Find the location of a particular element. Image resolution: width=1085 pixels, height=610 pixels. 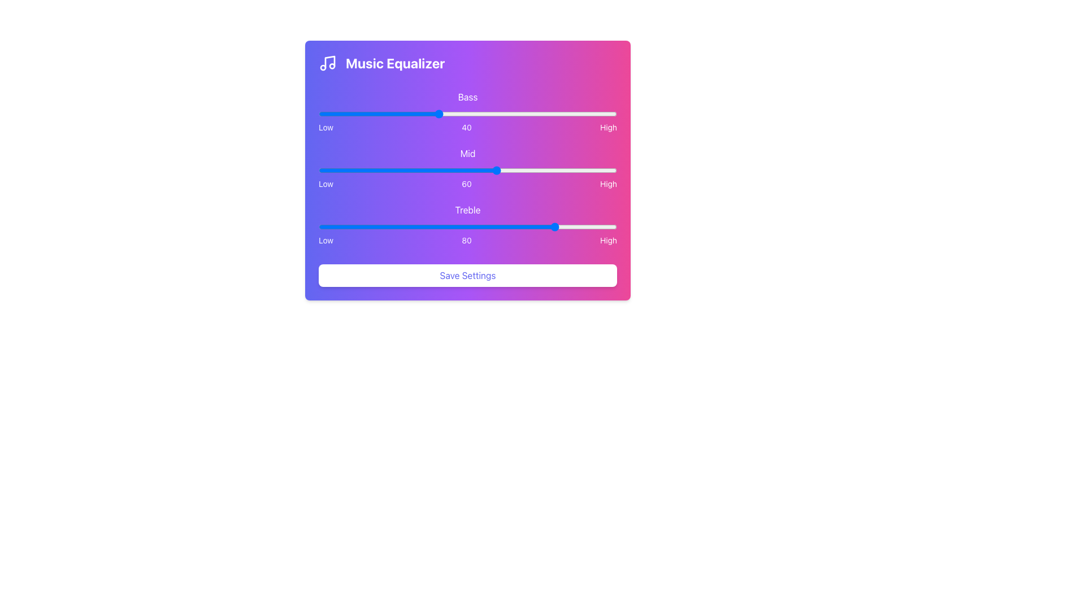

the 'Save Settings' button, which has a white background, rounded corners, and blue text is located at coordinates (468, 276).